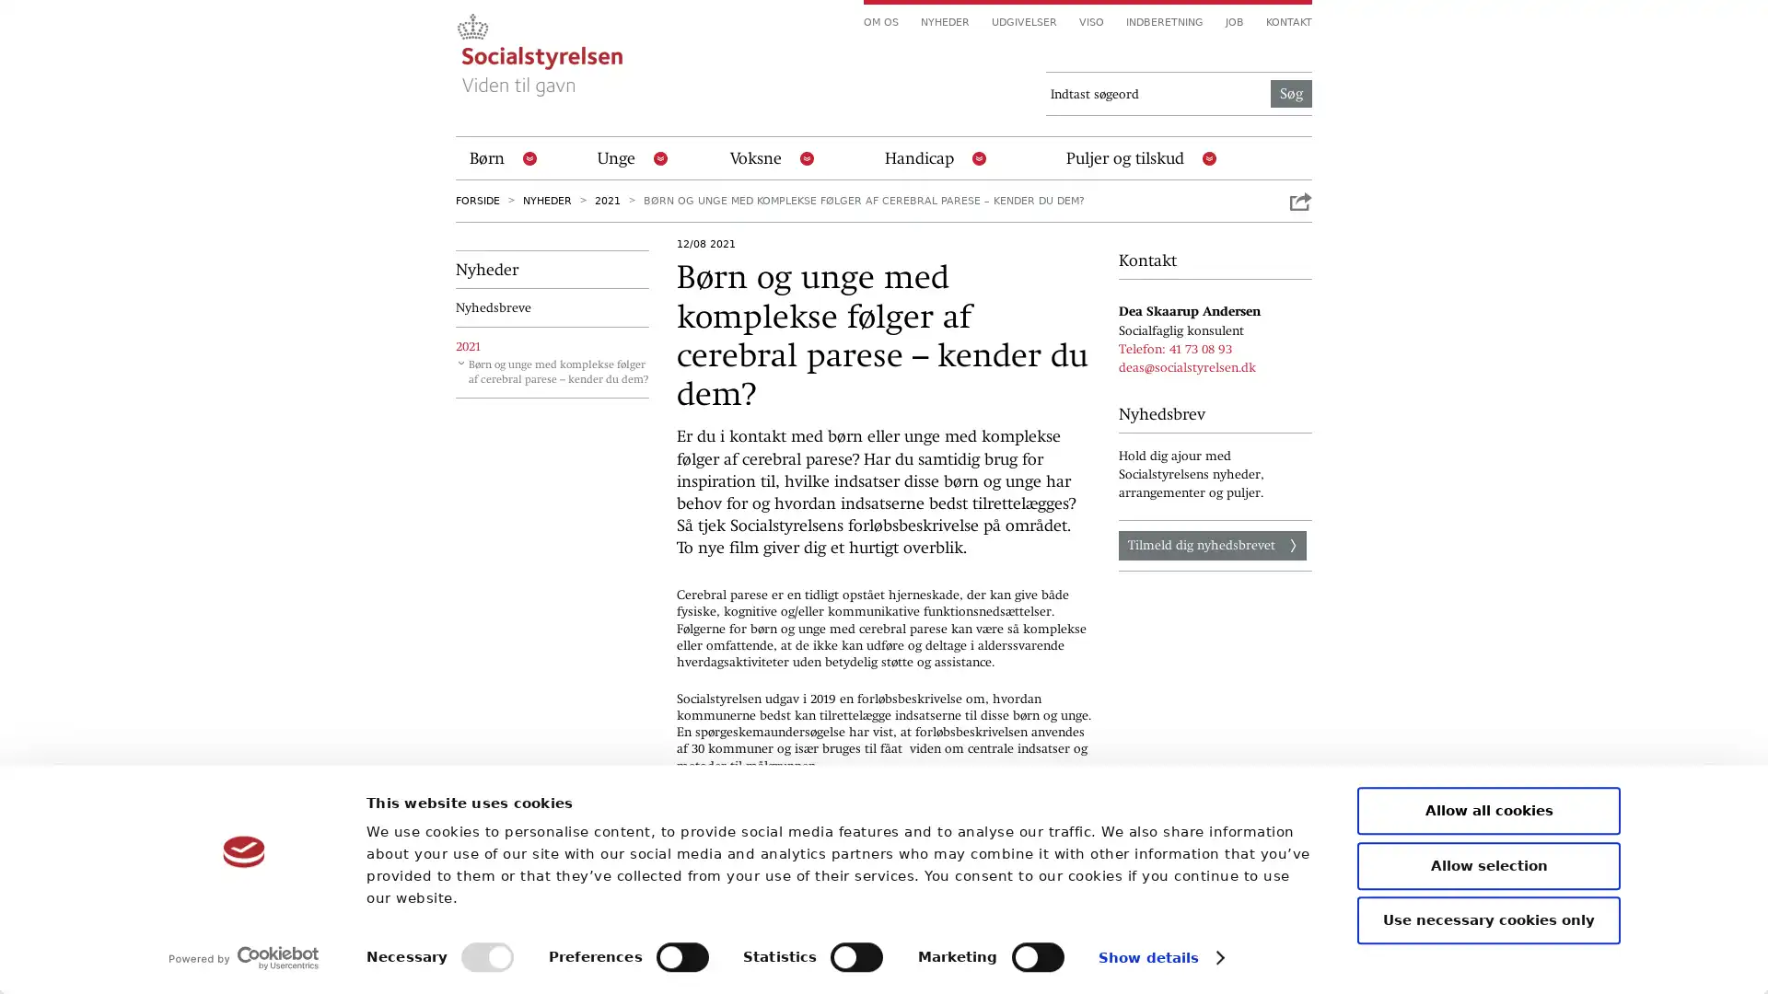 Image resolution: width=1768 pixels, height=994 pixels. I want to click on Sg, so click(1290, 93).